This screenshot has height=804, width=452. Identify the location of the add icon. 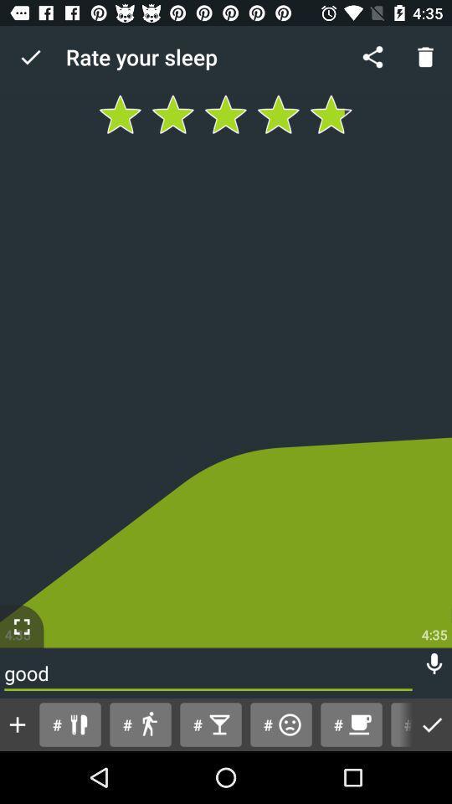
(17, 724).